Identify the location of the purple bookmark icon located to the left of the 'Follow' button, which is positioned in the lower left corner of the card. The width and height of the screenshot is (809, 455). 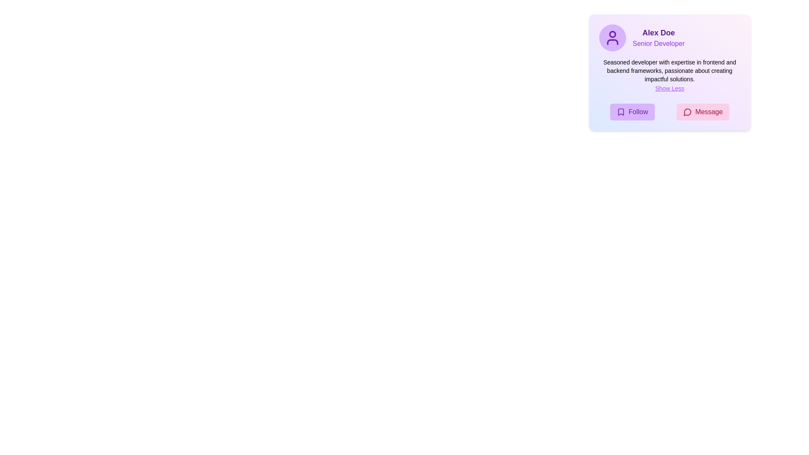
(621, 112).